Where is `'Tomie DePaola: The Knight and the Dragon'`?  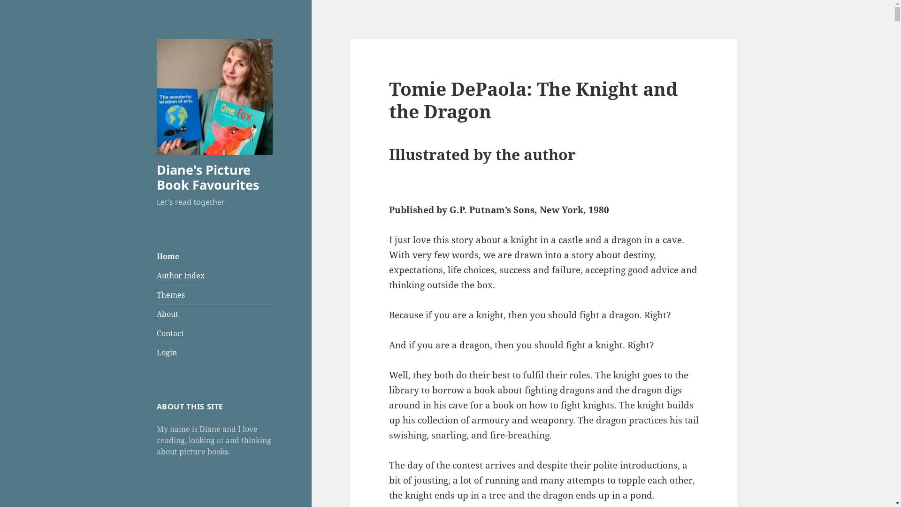
'Tomie DePaola: The Knight and the Dragon' is located at coordinates (389, 100).